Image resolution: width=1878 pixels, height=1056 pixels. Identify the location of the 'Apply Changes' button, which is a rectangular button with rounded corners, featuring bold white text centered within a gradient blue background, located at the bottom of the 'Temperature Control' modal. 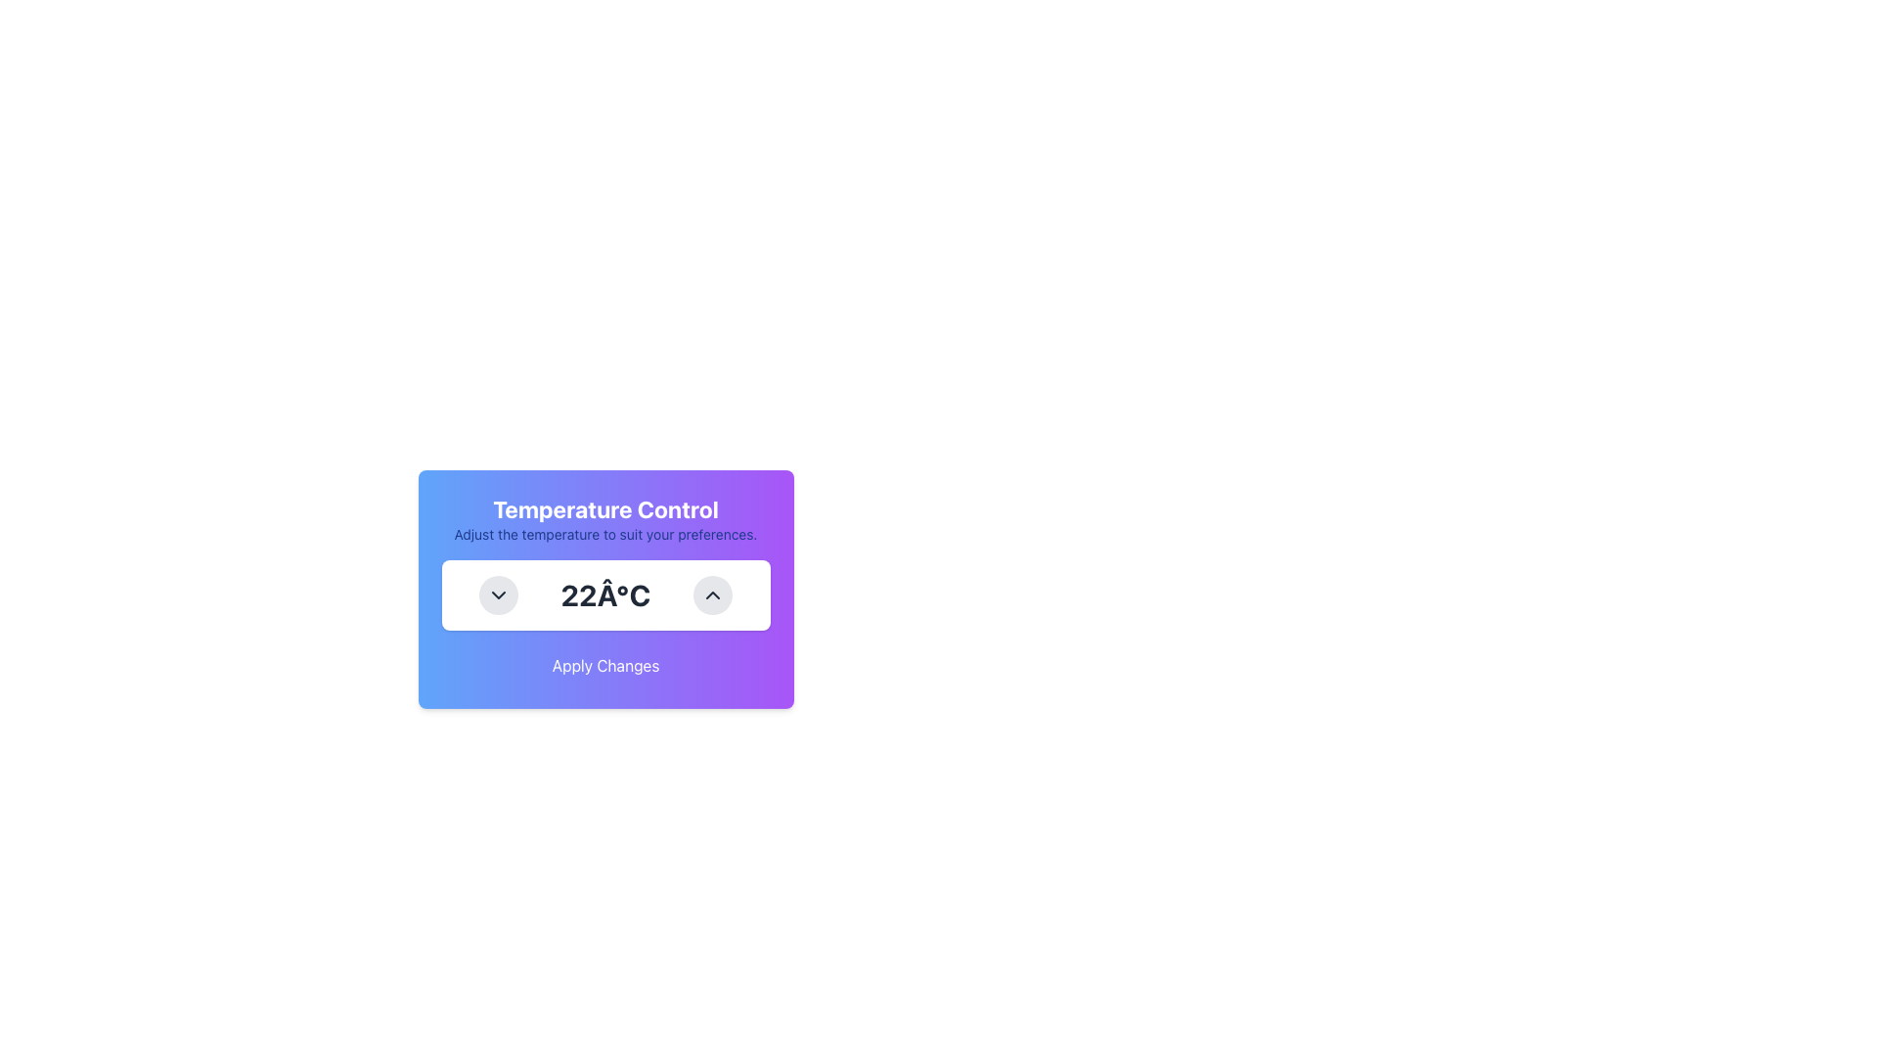
(604, 665).